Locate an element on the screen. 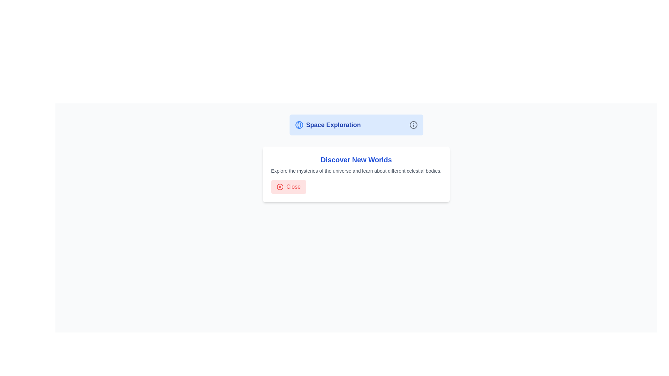 The height and width of the screenshot is (376, 669). the dismissible button located below the text 'Explore the mysteries of the universe and learn about different celestial bodies' is located at coordinates (289, 186).